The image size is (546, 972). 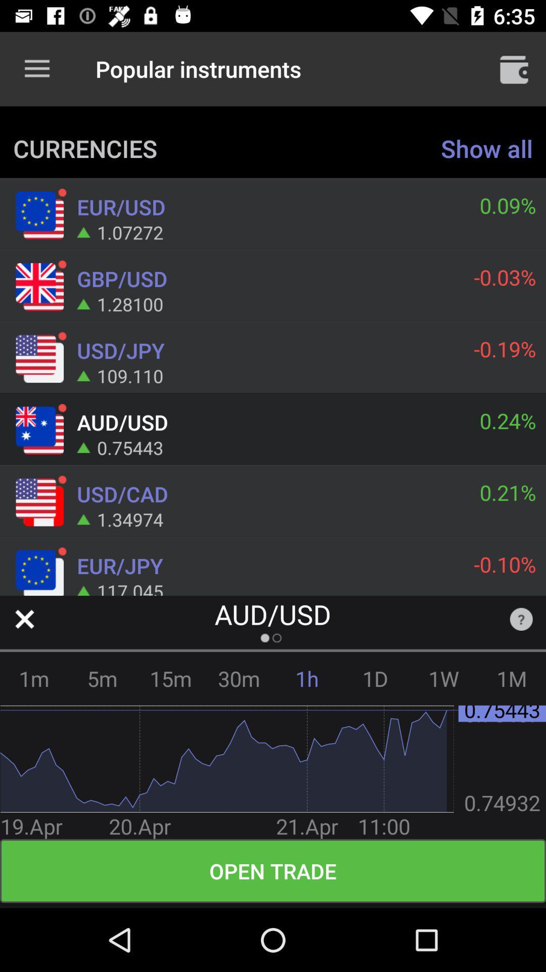 I want to click on the icon next to 1h, so click(x=375, y=678).